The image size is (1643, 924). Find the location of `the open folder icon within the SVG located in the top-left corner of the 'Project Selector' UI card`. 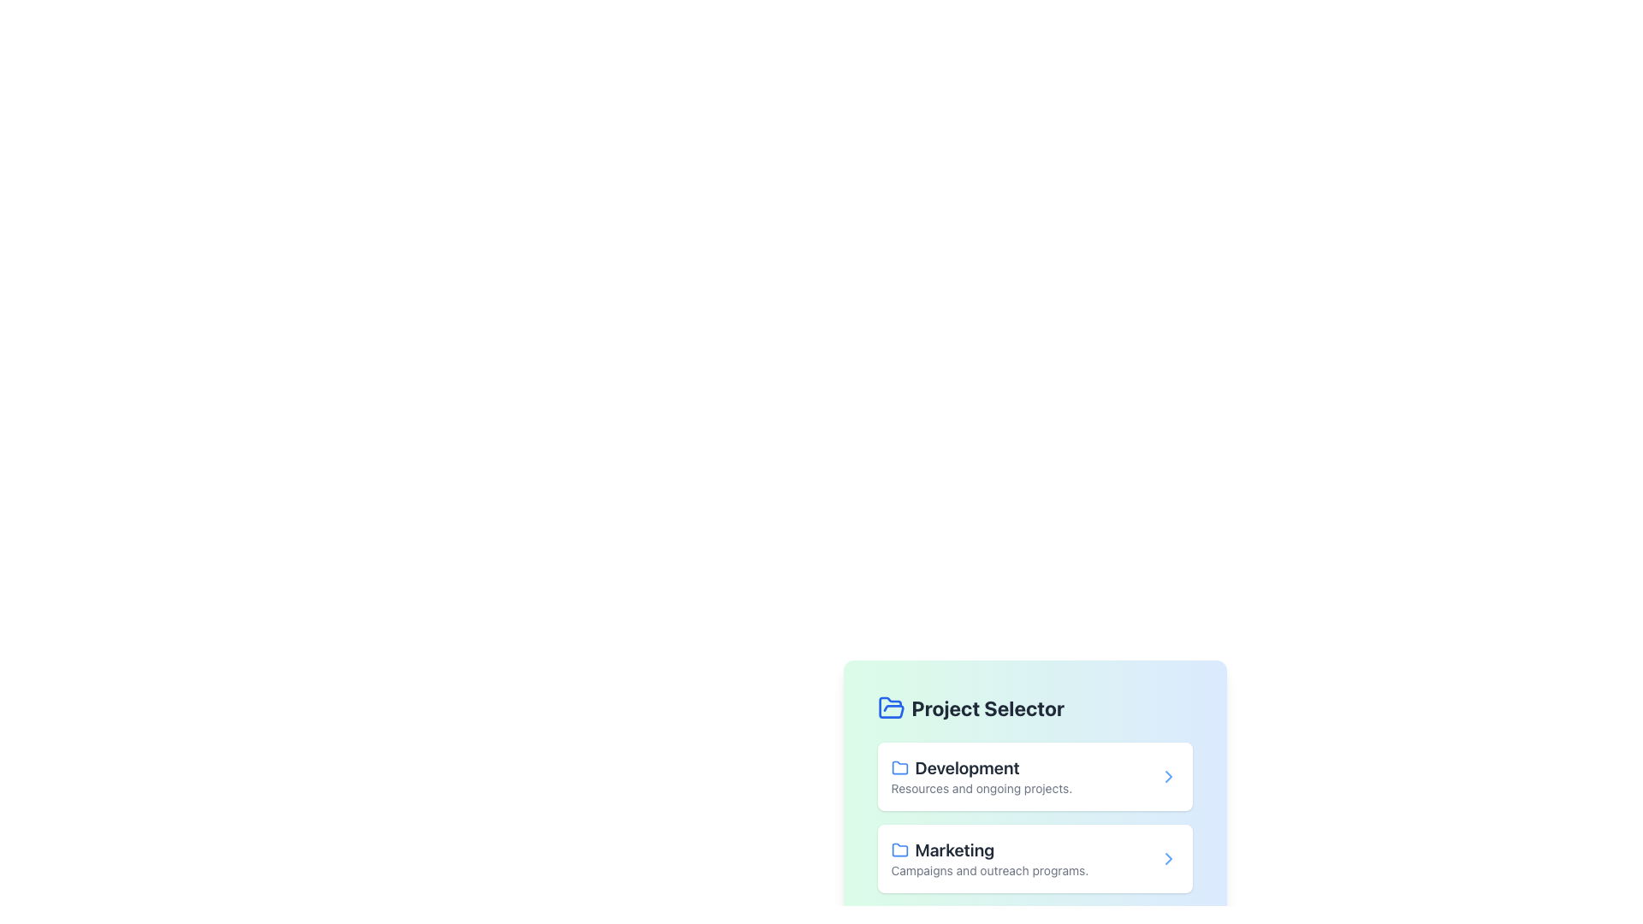

the open folder icon within the SVG located in the top-left corner of the 'Project Selector' UI card is located at coordinates (890, 708).